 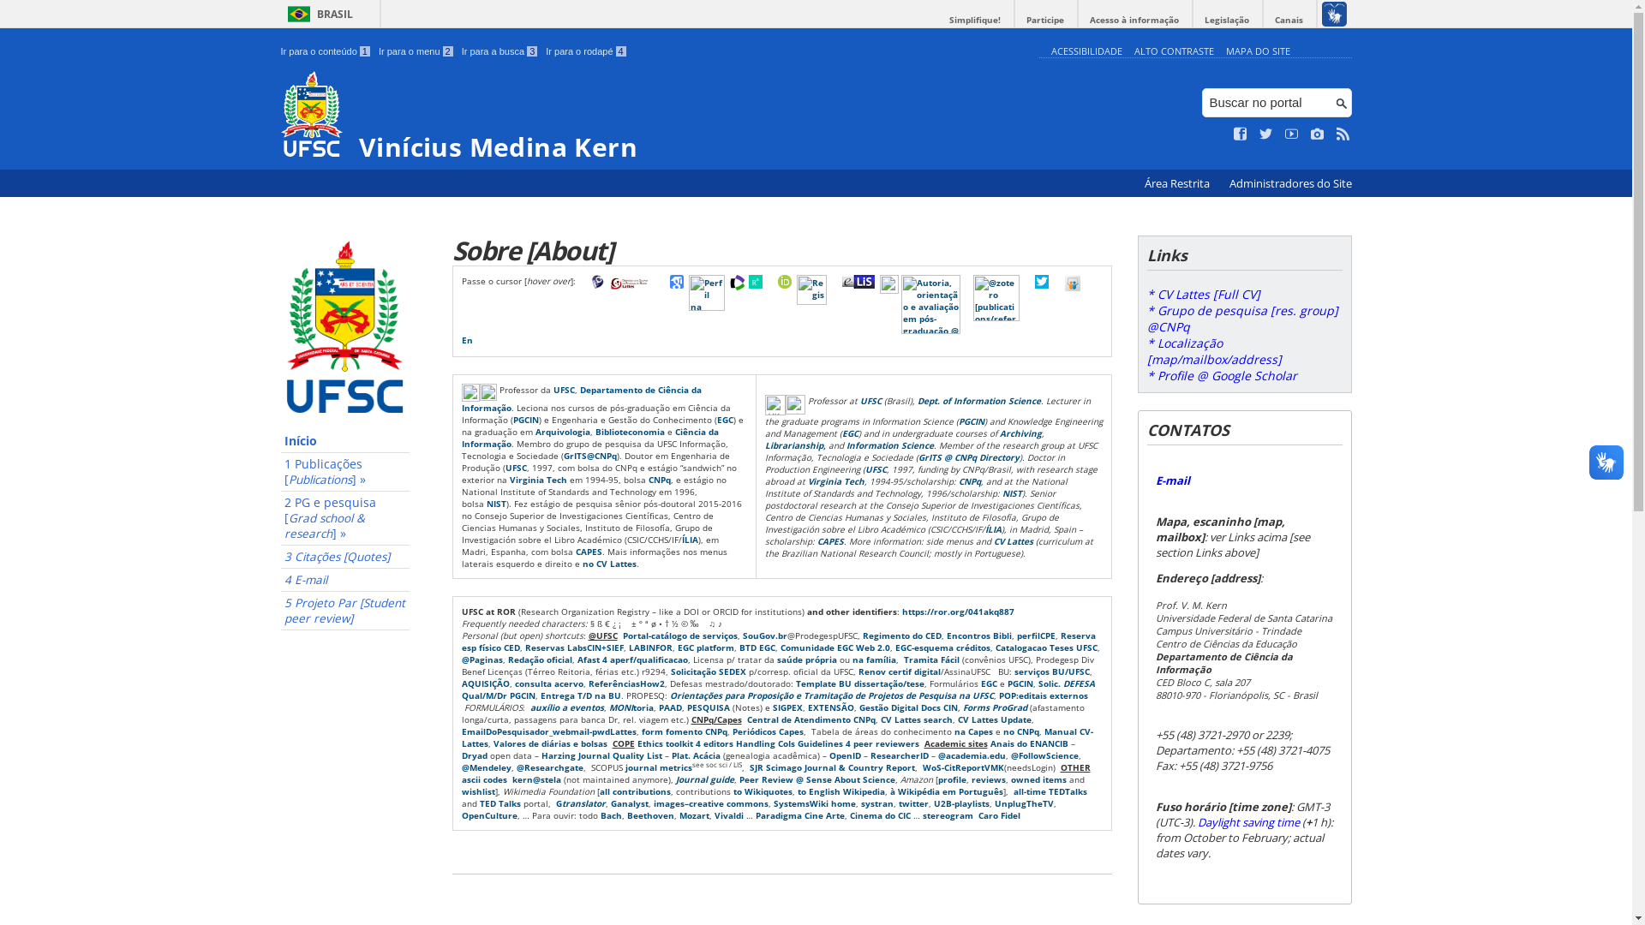 I want to click on 'Information Science', so click(x=889, y=444).